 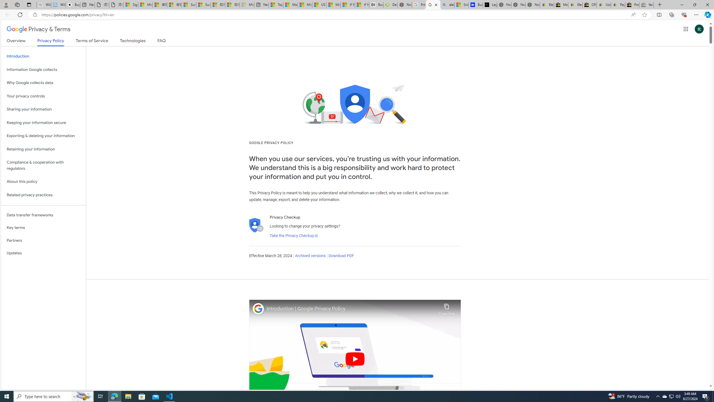 What do you see at coordinates (43, 83) in the screenshot?
I see `'Why Google collects data'` at bounding box center [43, 83].